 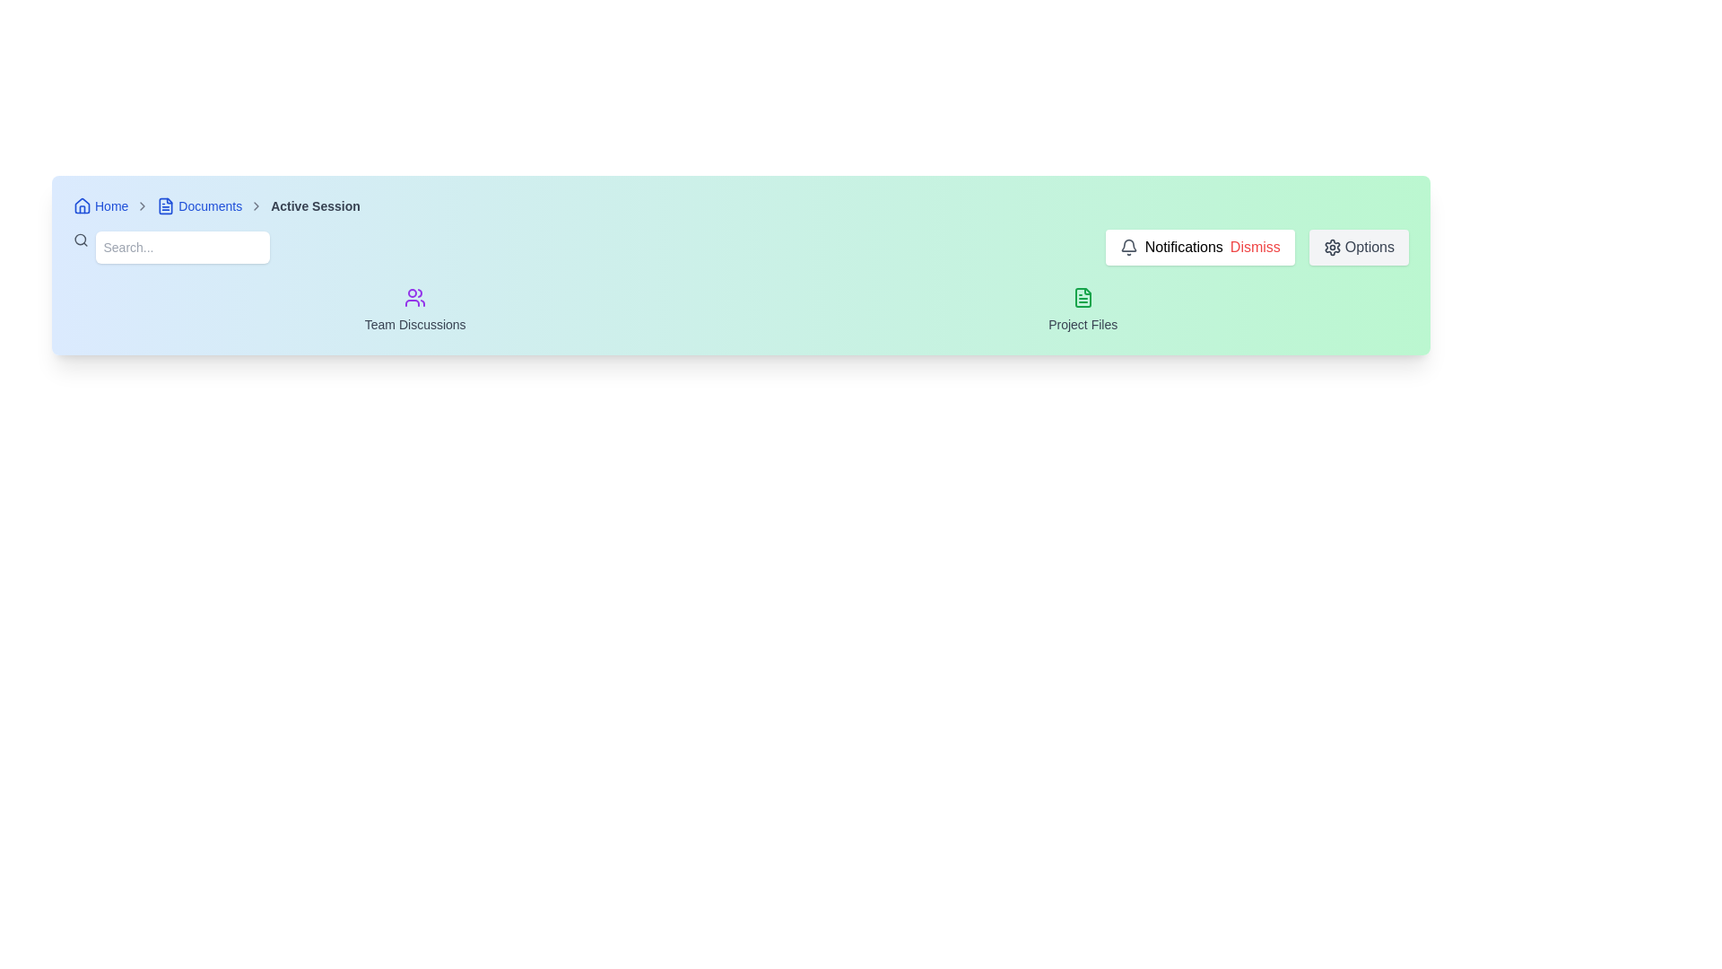 What do you see at coordinates (1359, 248) in the screenshot?
I see `the settings button located at the rightmost end of the button row, which opens additional settings or options related to the interface` at bounding box center [1359, 248].